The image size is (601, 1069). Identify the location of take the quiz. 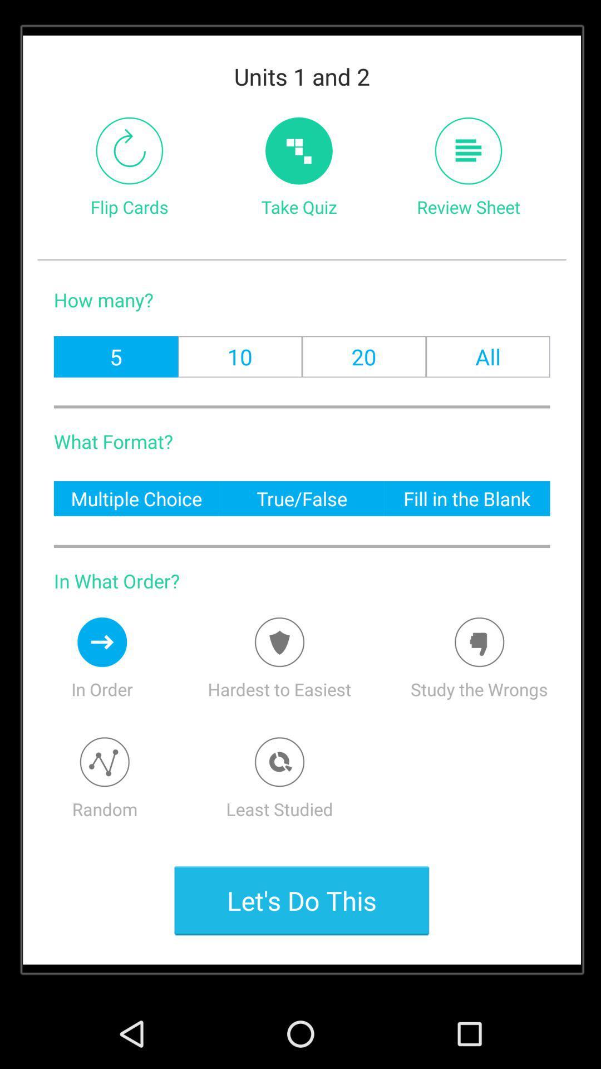
(298, 150).